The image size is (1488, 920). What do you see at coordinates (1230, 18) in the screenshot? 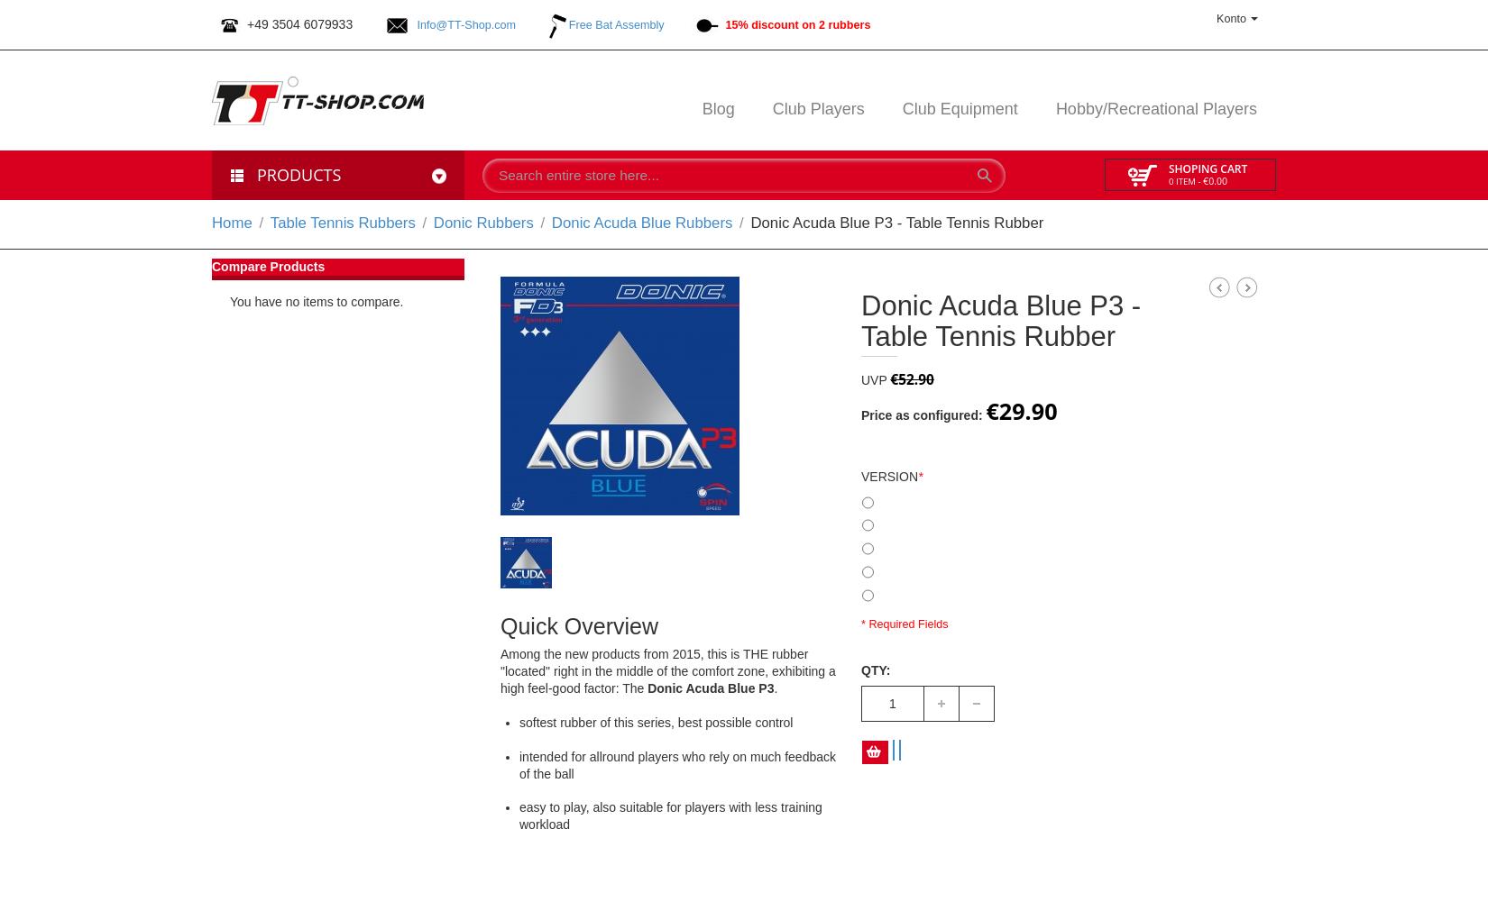
I see `'Konto'` at bounding box center [1230, 18].